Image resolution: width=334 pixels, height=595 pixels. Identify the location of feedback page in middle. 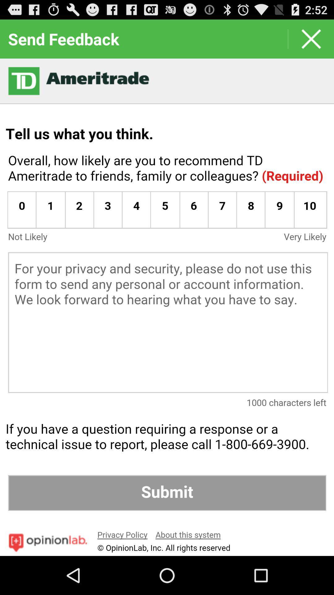
(167, 307).